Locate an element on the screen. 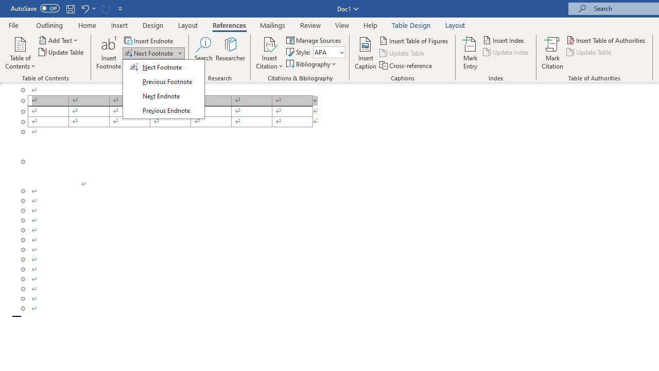  'Mark Citation...' is located at coordinates (552, 53).